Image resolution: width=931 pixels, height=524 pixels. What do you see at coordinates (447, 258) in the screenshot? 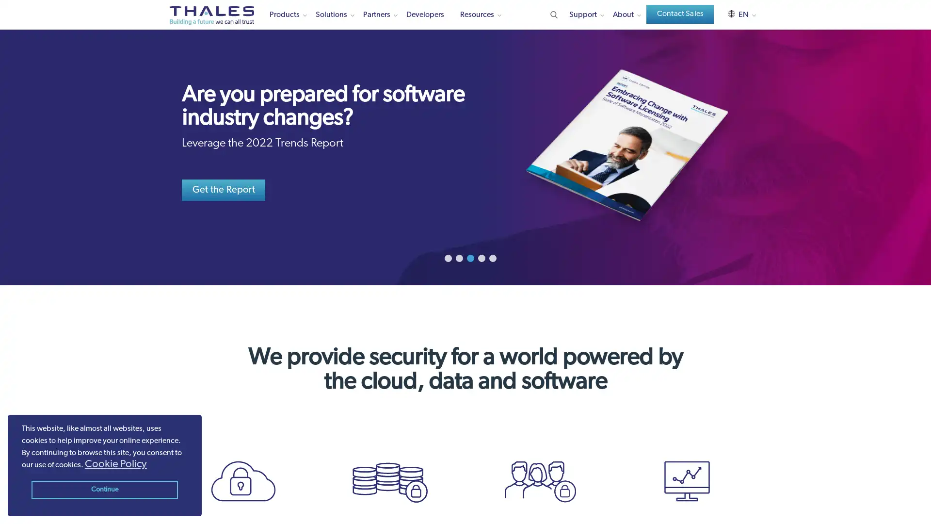
I see `1` at bounding box center [447, 258].